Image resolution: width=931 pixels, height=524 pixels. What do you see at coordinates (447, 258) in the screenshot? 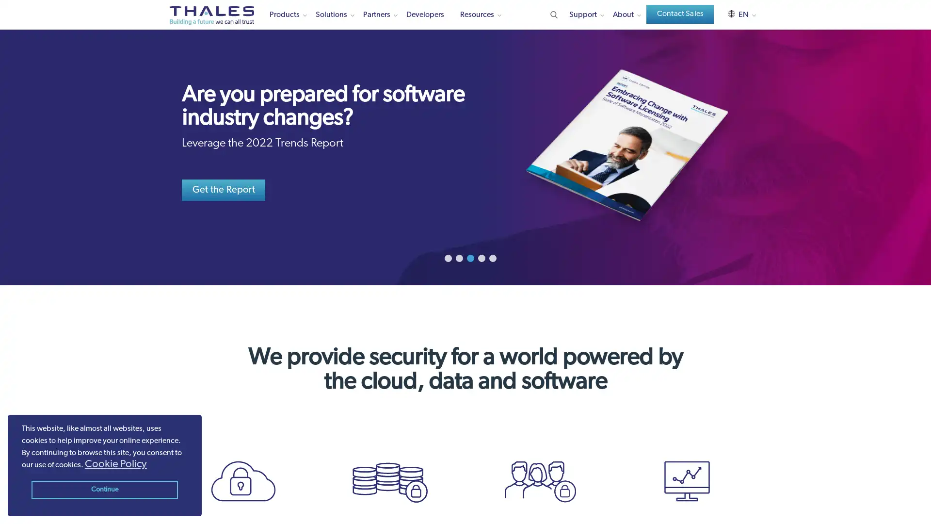
I see `1` at bounding box center [447, 258].